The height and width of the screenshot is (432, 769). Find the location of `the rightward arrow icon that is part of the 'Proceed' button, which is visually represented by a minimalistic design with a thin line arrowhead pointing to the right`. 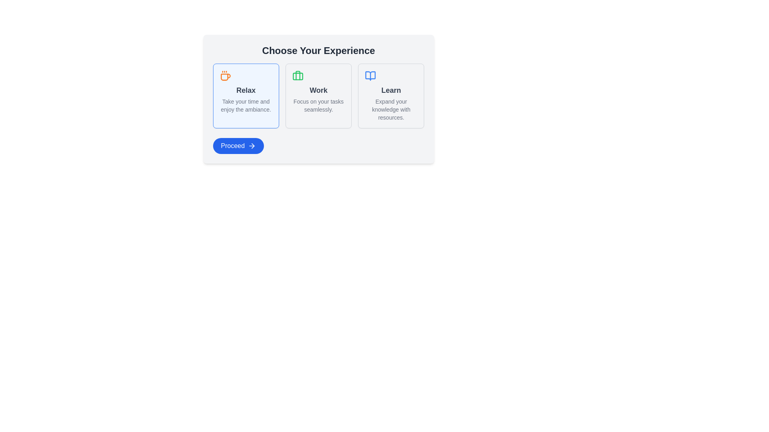

the rightward arrow icon that is part of the 'Proceed' button, which is visually represented by a minimalistic design with a thin line arrowhead pointing to the right is located at coordinates (253, 146).